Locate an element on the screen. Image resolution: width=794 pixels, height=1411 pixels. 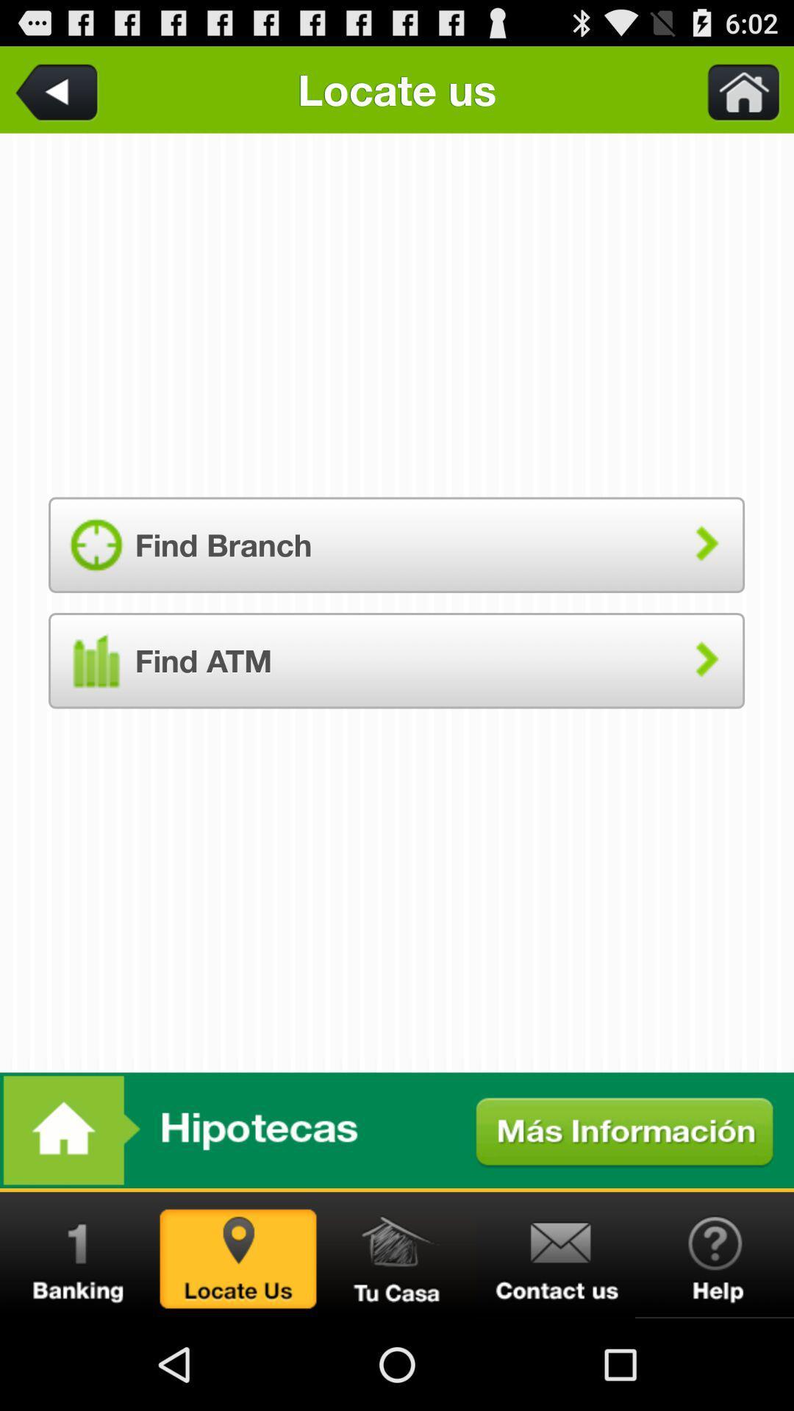
the home icon is located at coordinates (397, 1343).